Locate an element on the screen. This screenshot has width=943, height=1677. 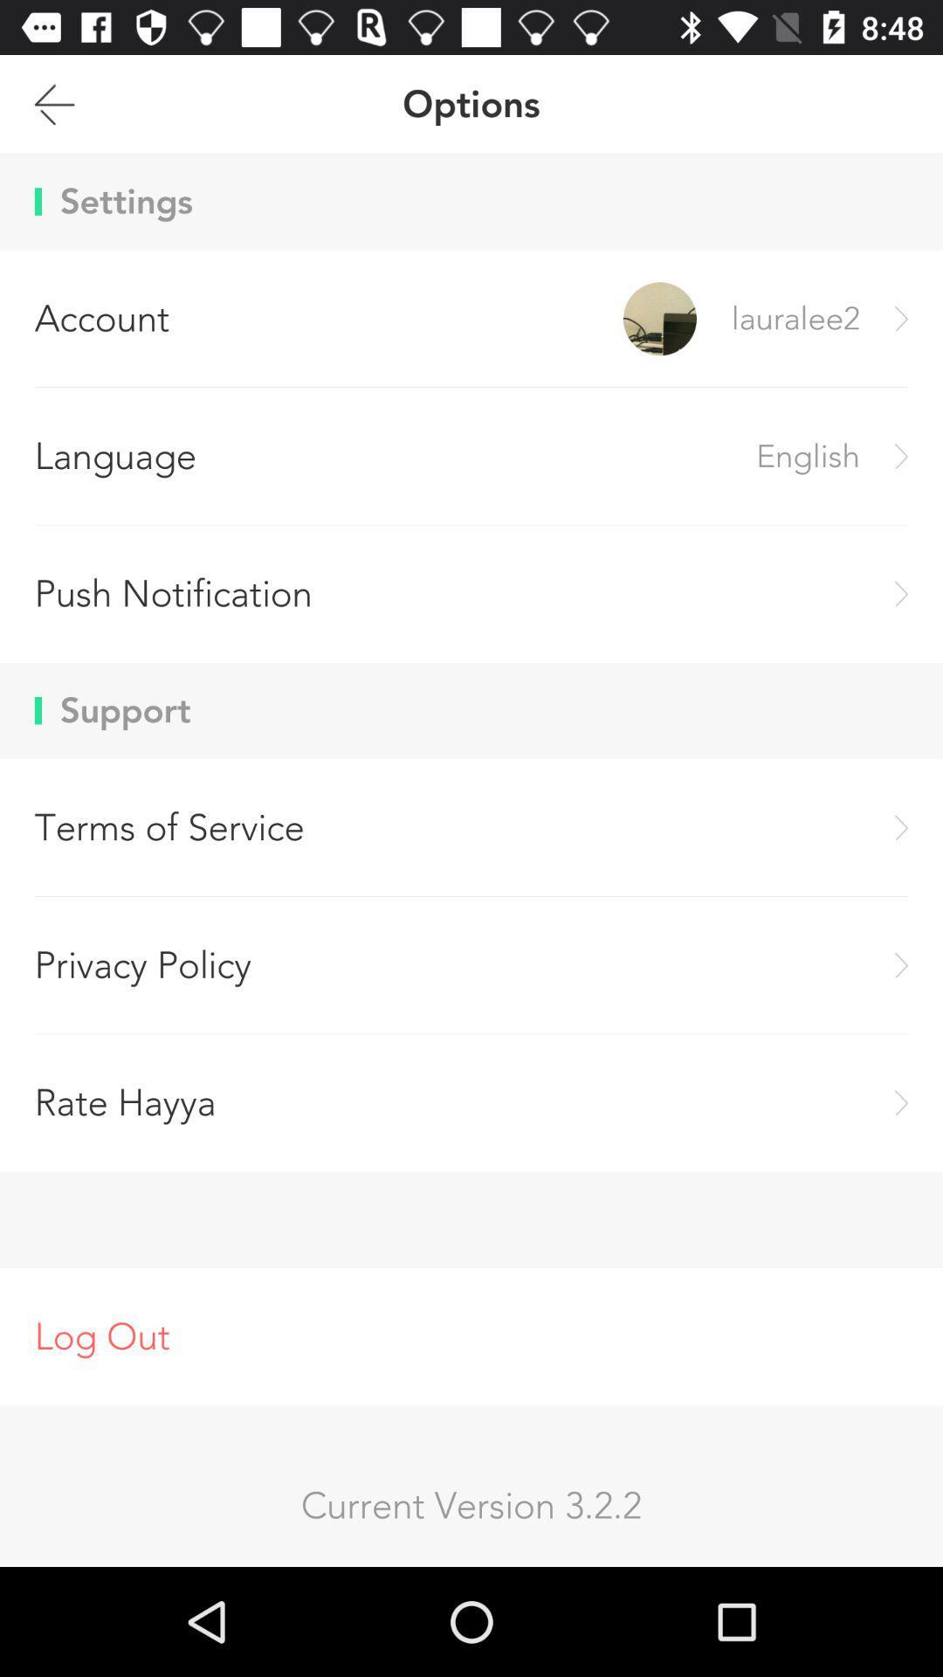
icon next to options icon is located at coordinates (53, 103).